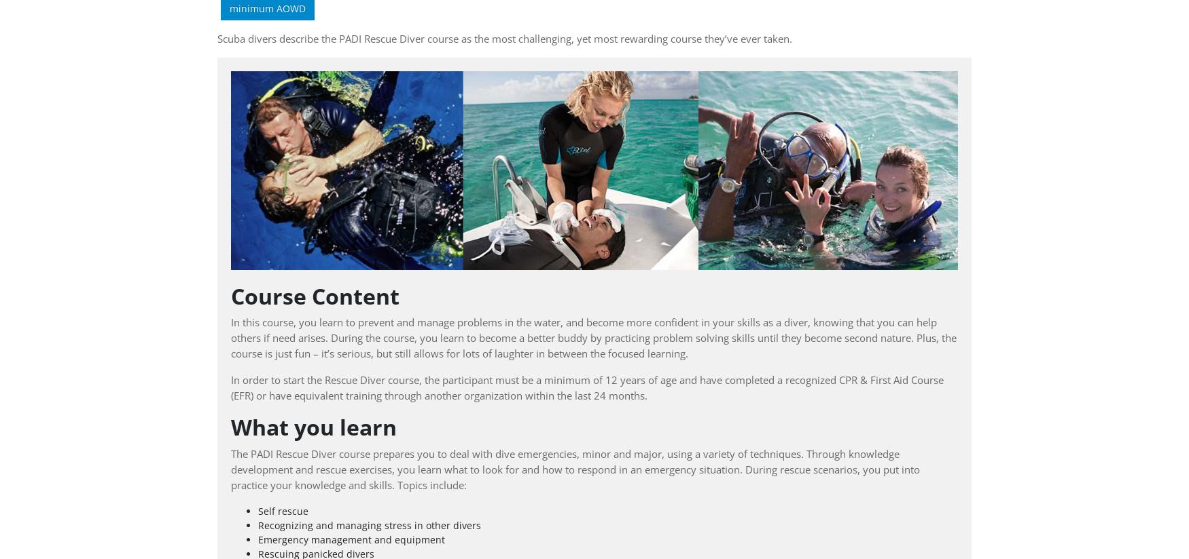 This screenshot has width=1189, height=559. What do you see at coordinates (575, 468) in the screenshot?
I see `'The PADI Rescue Diver course prepares you to deal with dive emergencies, minor and major, using a variety of techniques. Through knowledge development and rescue exercises, you learn what to look for and how to respond in an emergency situation. During rescue scenarios, you put into practice your knowledge and skills. Topics include:'` at bounding box center [575, 468].